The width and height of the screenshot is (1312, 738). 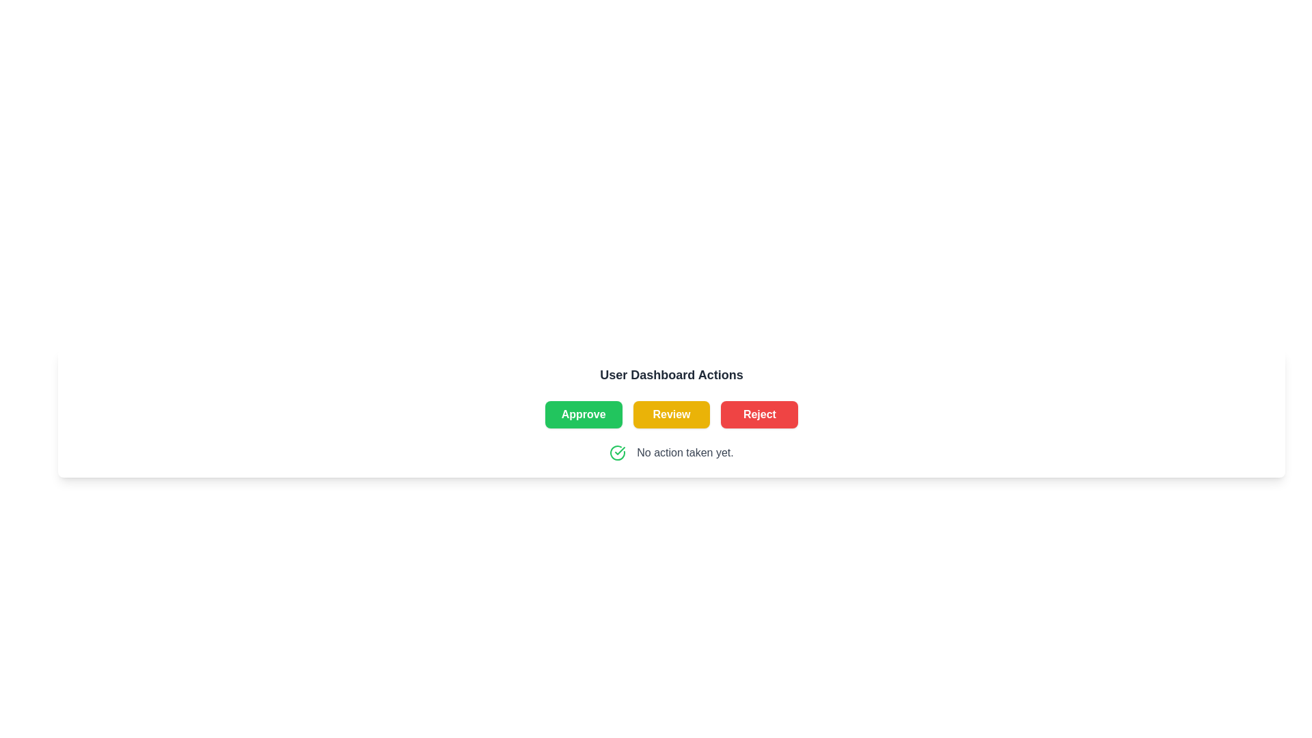 What do you see at coordinates (672, 413) in the screenshot?
I see `the 'Review' button in the Button group located in the User Dashboard Actions section` at bounding box center [672, 413].